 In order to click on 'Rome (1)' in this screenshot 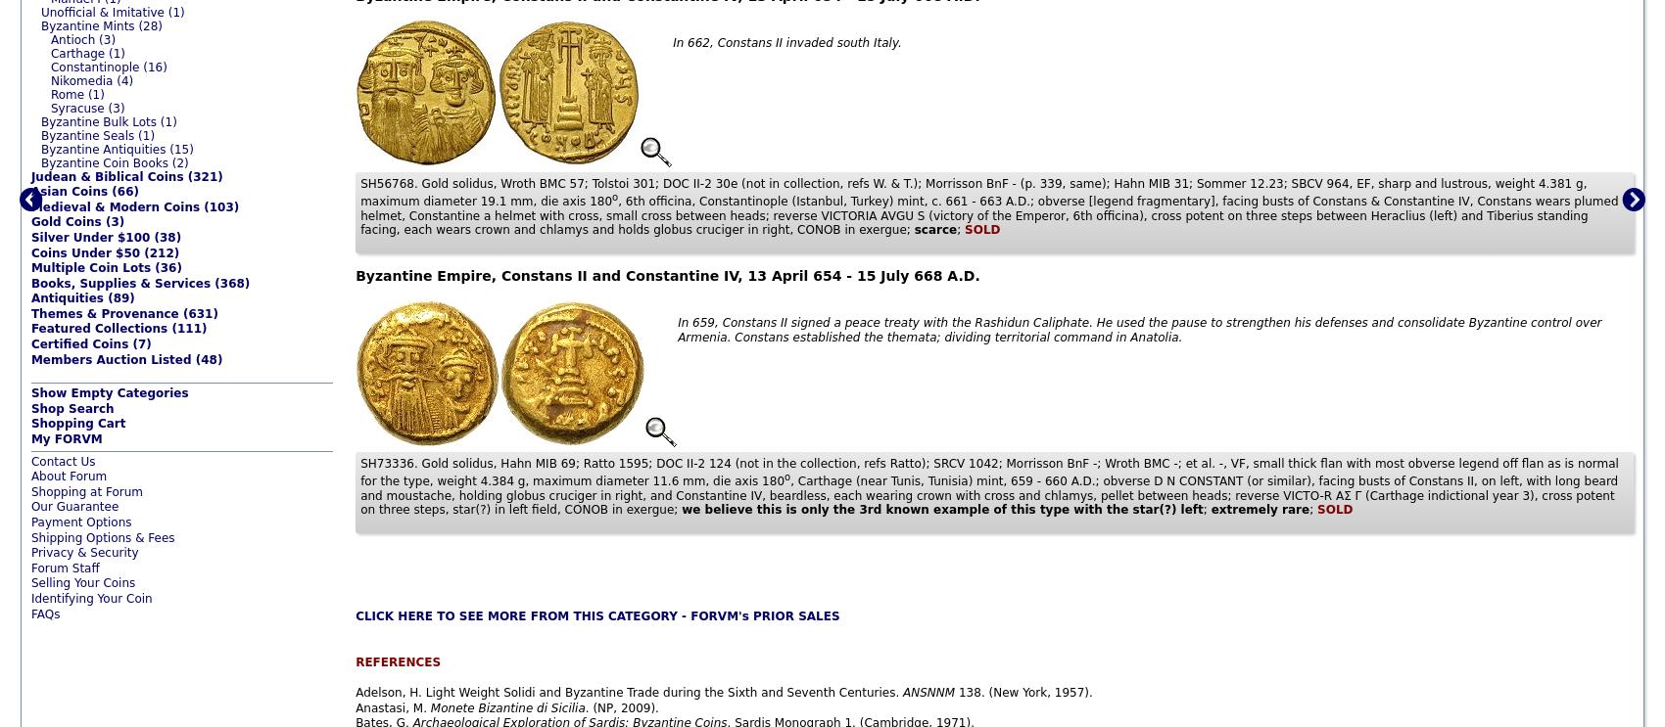, I will do `click(76, 92)`.